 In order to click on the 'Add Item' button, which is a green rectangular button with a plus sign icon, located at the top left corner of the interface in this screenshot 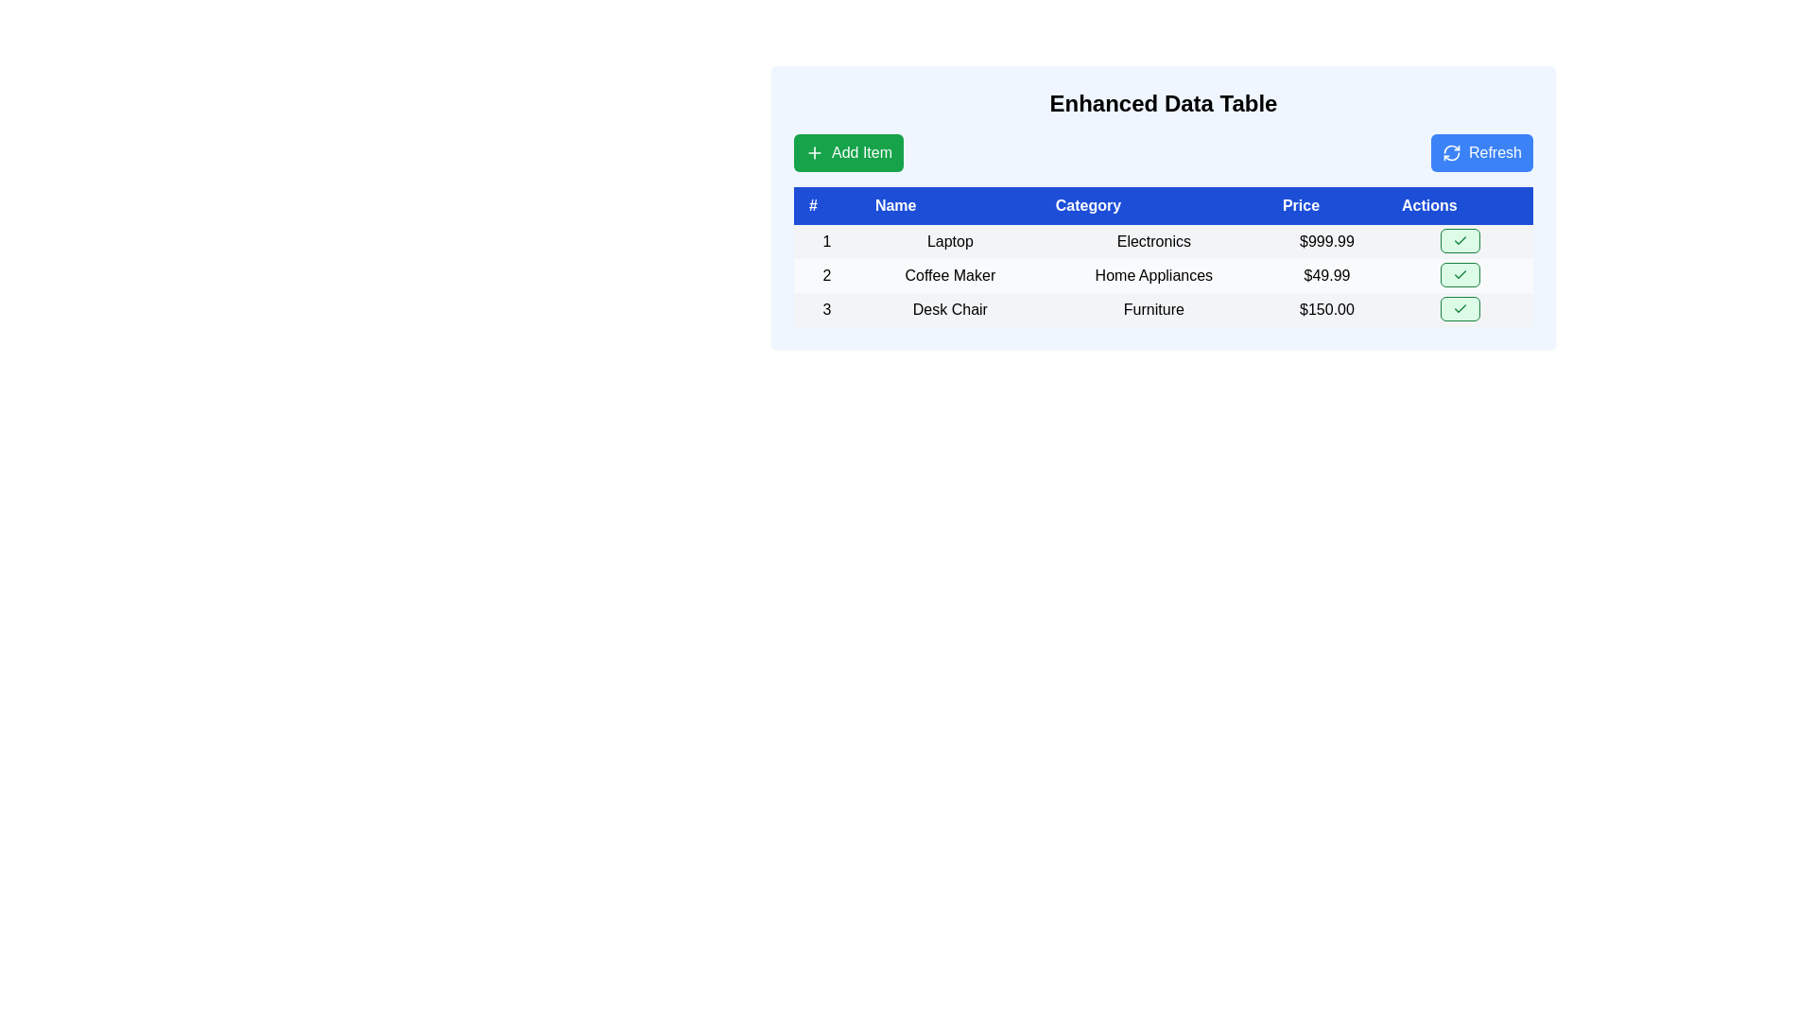, I will do `click(815, 152)`.